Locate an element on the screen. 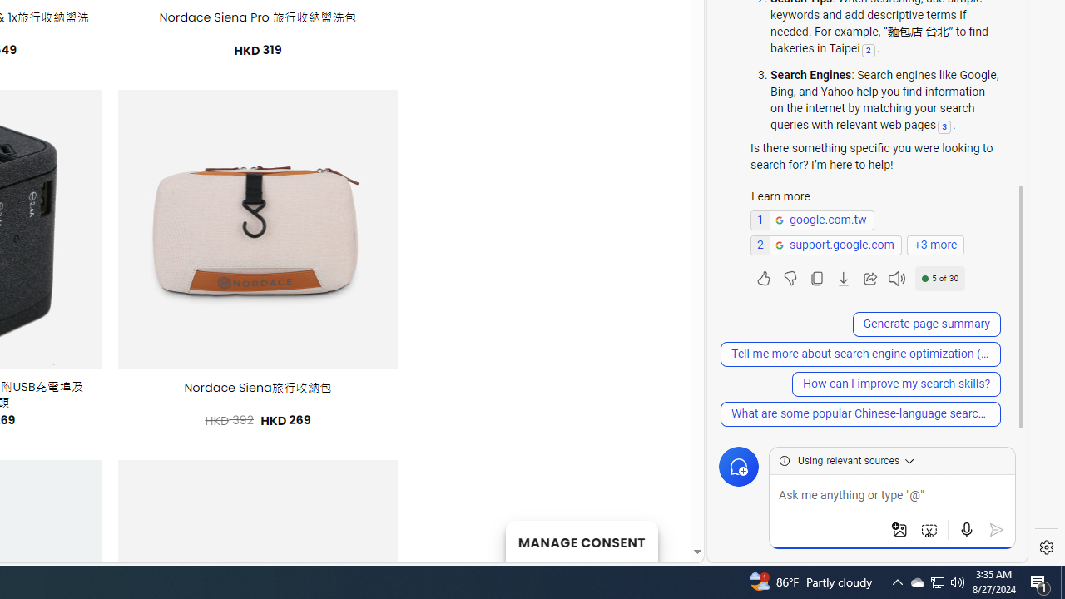 The image size is (1065, 599). 'MANAGE CONSENT' is located at coordinates (581, 541).